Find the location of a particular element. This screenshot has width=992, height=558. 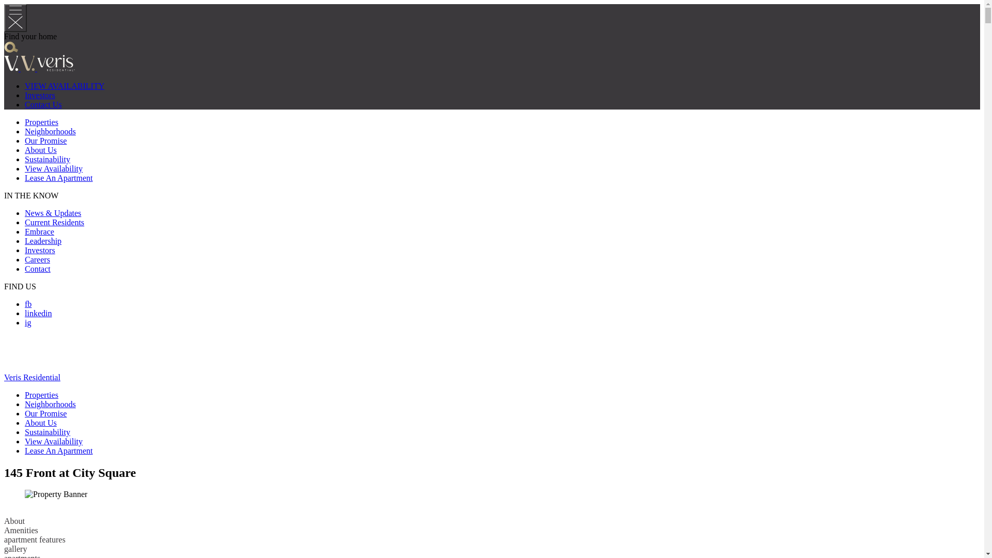

'Contact Us' is located at coordinates (42, 104).